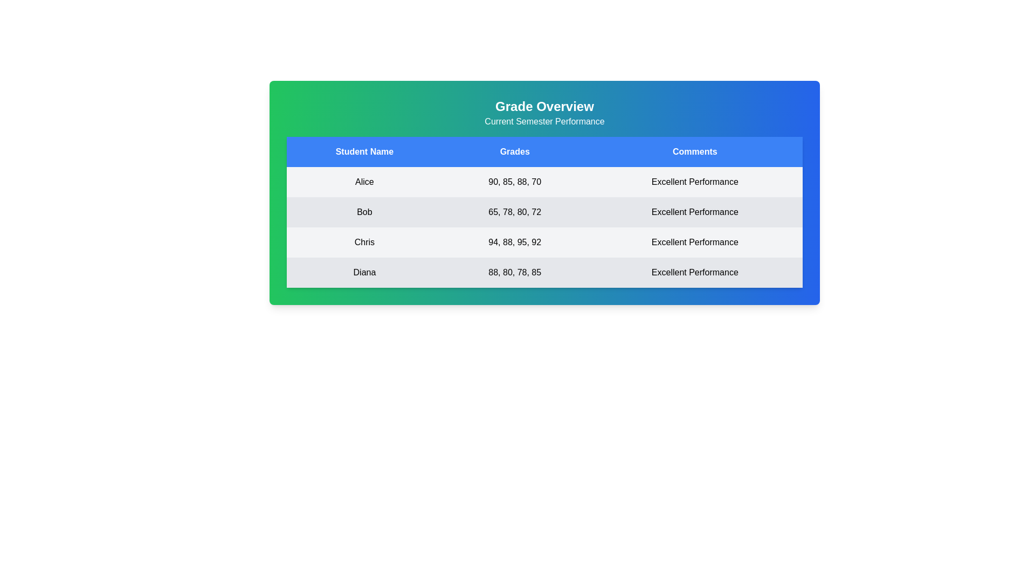 The height and width of the screenshot is (582, 1035). Describe the element at coordinates (544, 272) in the screenshot. I see `the row corresponding to Diana to observe hover effects` at that location.